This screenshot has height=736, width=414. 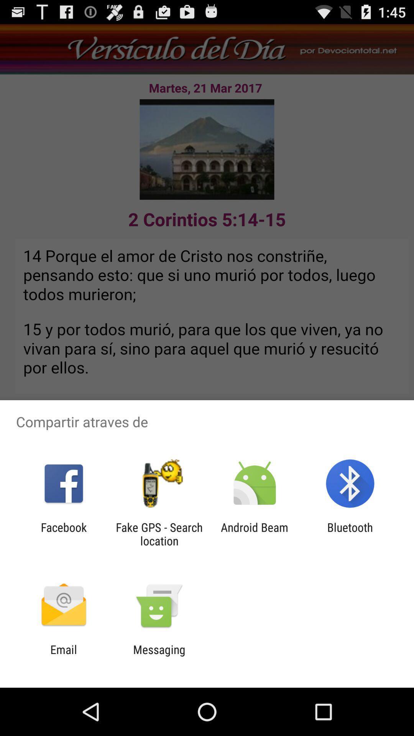 I want to click on facebook item, so click(x=63, y=534).